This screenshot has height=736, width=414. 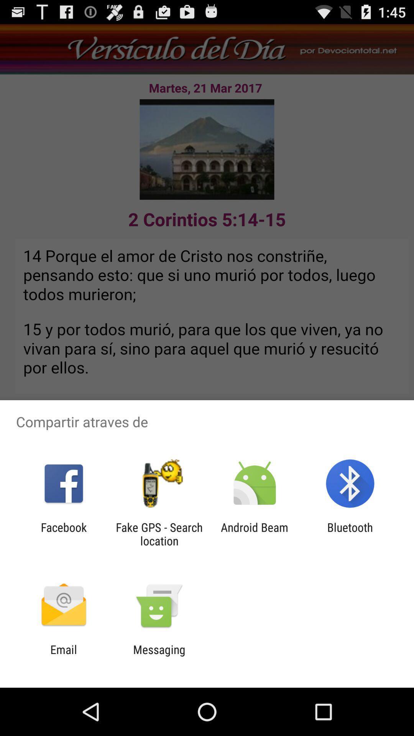 I want to click on facebook item, so click(x=63, y=534).